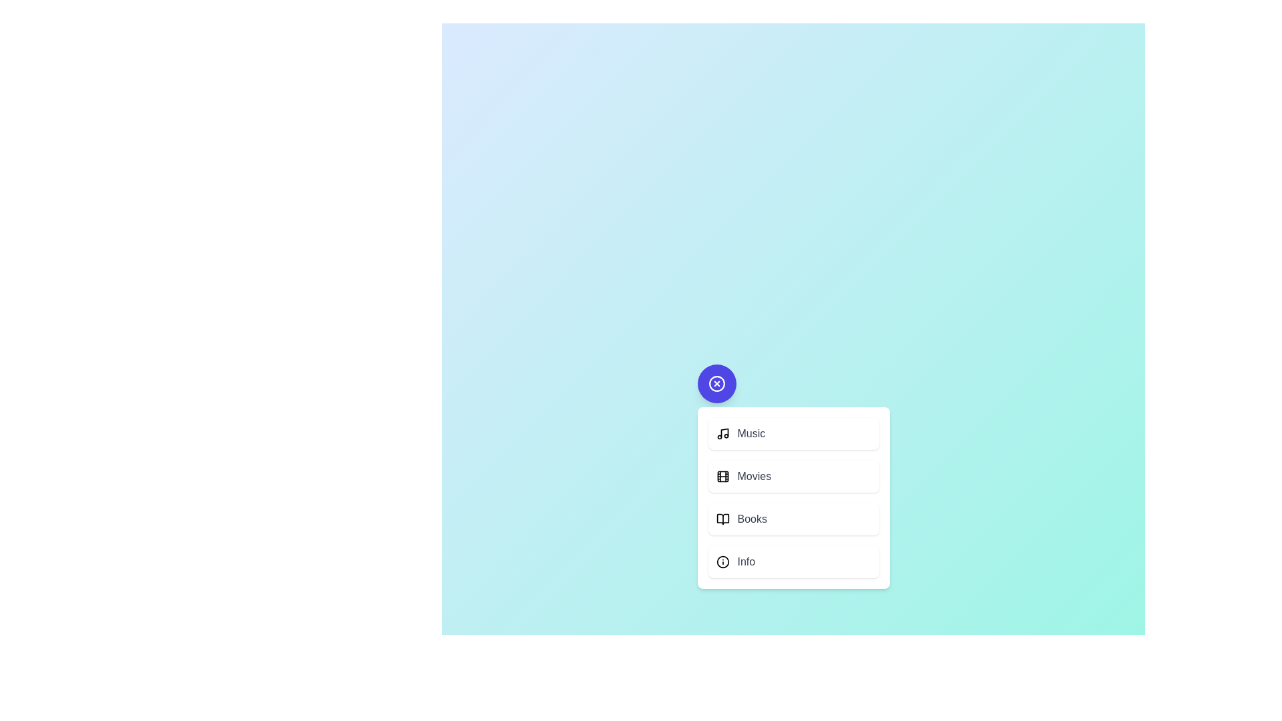 The image size is (1282, 721). What do you see at coordinates (793, 561) in the screenshot?
I see `the action 'Info' from the menu` at bounding box center [793, 561].